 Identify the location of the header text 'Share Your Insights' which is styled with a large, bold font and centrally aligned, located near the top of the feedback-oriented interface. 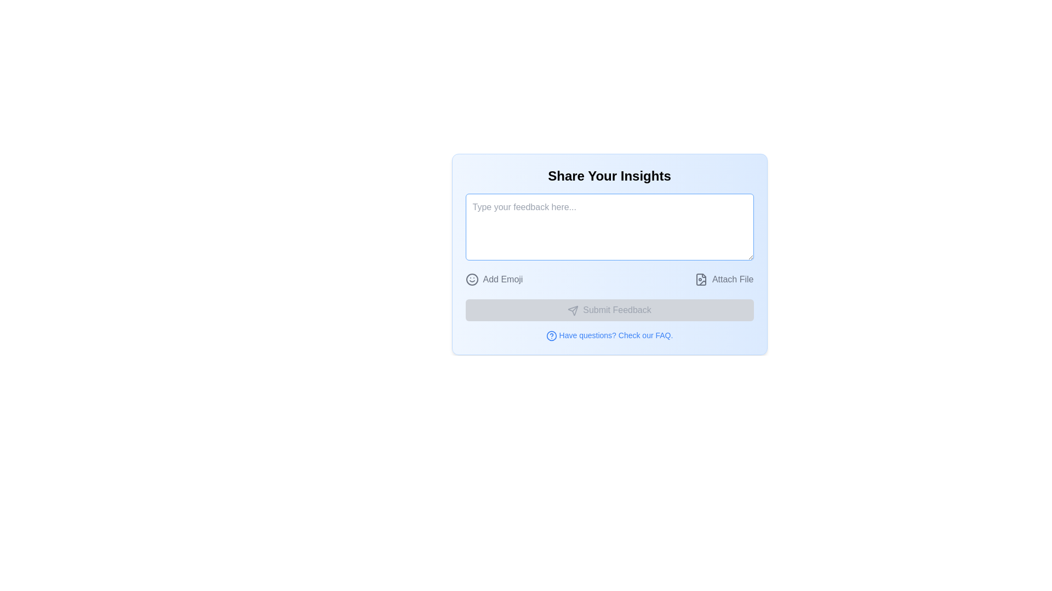
(609, 175).